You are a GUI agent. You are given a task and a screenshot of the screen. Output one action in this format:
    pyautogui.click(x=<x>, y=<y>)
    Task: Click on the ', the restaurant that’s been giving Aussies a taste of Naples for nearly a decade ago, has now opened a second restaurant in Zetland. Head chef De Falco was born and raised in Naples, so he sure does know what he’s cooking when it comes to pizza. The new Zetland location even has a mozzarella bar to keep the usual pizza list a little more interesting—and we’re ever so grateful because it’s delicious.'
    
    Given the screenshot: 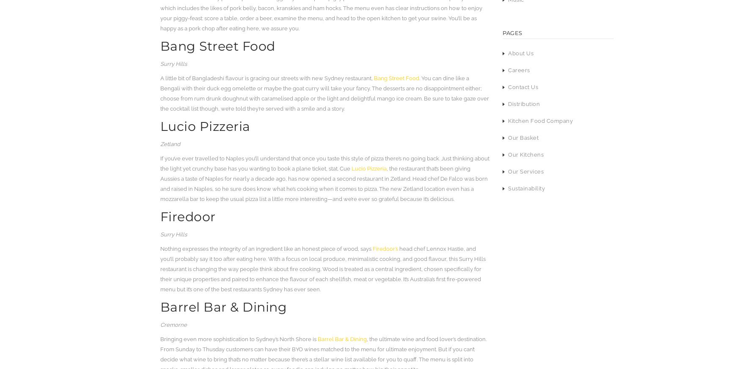 What is the action you would take?
    pyautogui.click(x=323, y=184)
    